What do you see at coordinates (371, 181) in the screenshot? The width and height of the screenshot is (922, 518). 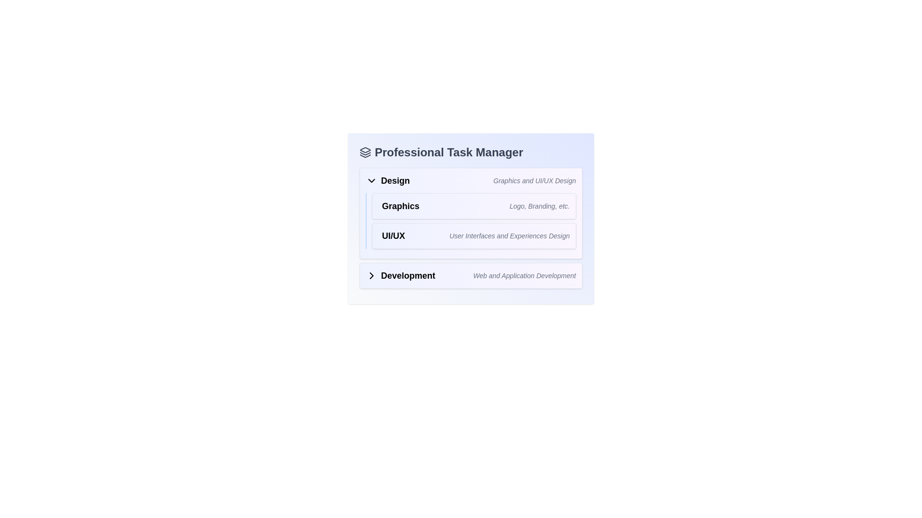 I see `the chevron icon to the left of the 'Design' label` at bounding box center [371, 181].